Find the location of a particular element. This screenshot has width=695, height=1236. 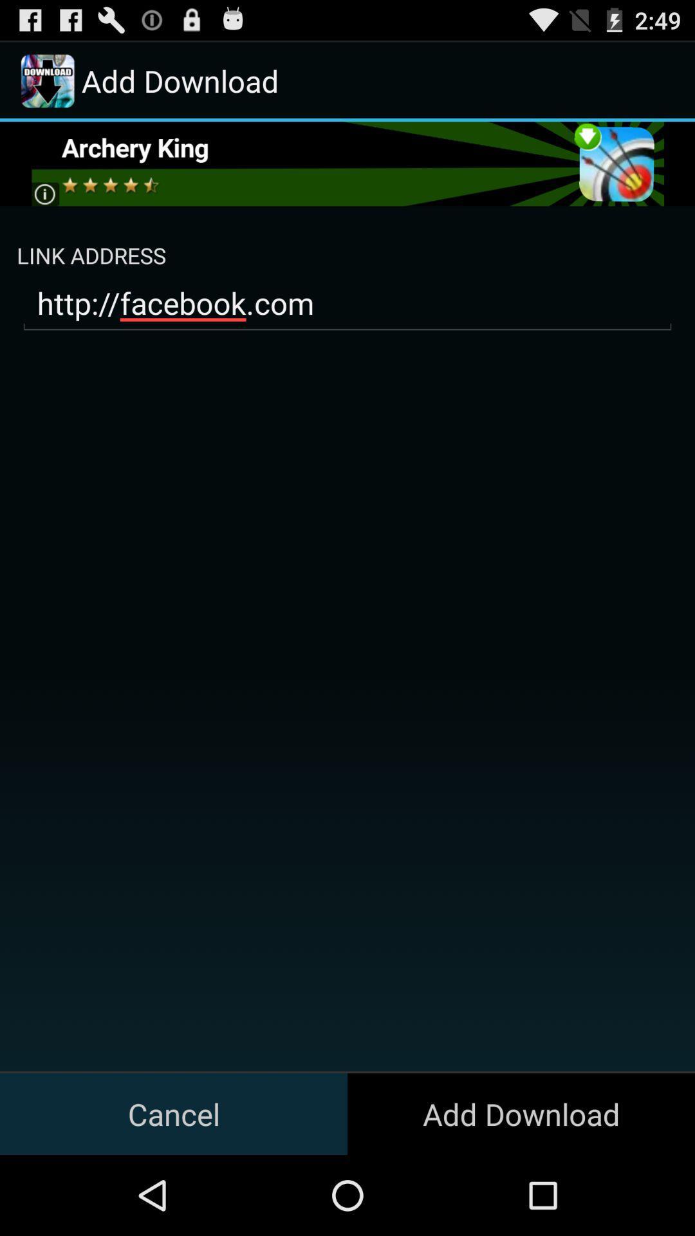

follow advertisement banner is located at coordinates (346, 163).